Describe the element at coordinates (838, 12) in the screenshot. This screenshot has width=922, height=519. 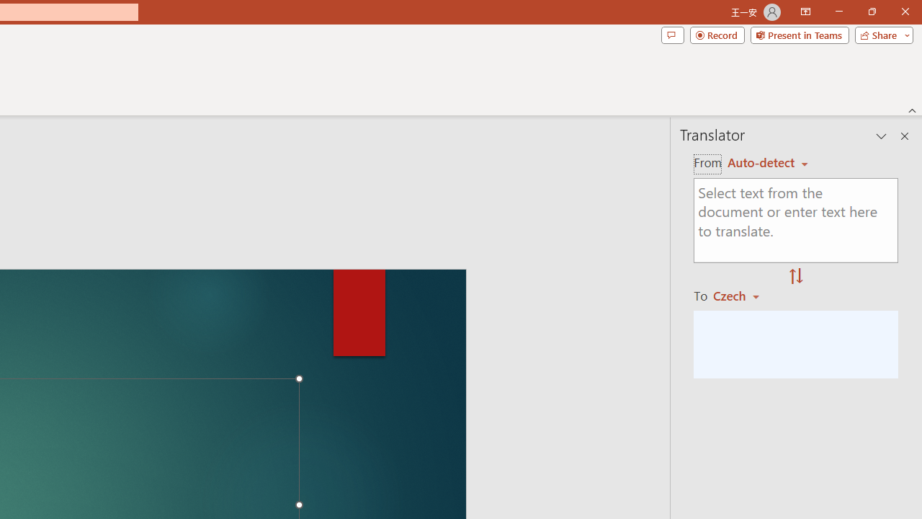
I see `'Minimize'` at that location.